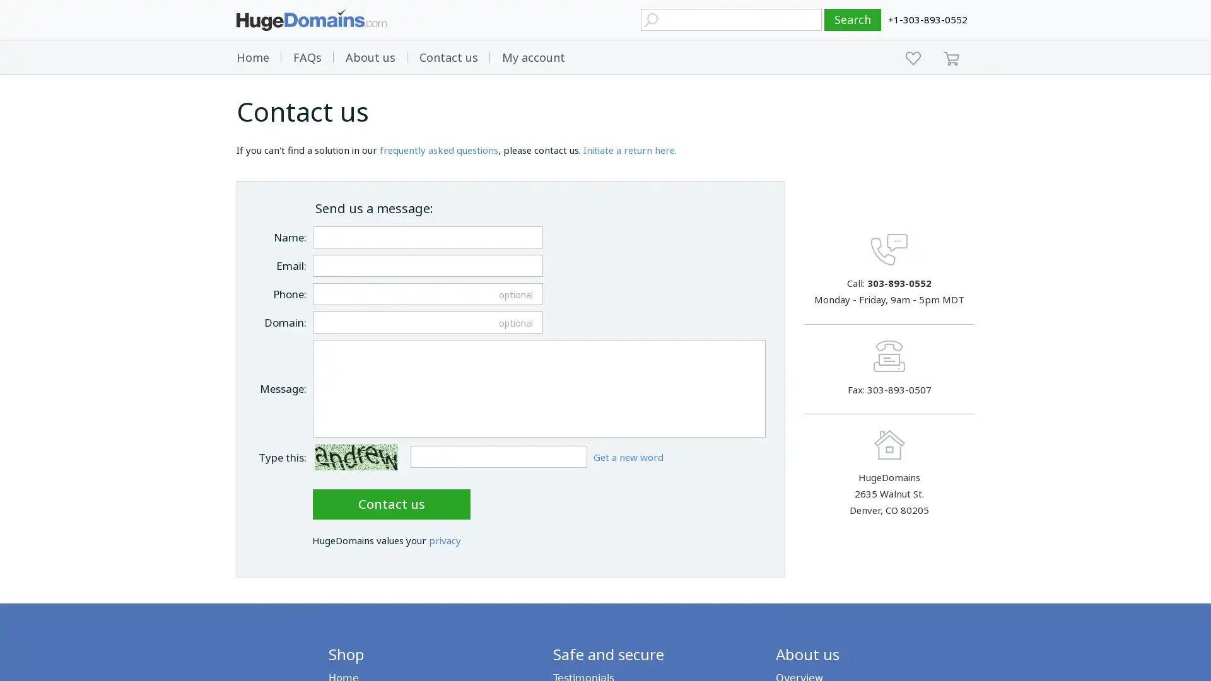 Image resolution: width=1211 pixels, height=681 pixels. I want to click on Contact us, so click(390, 503).